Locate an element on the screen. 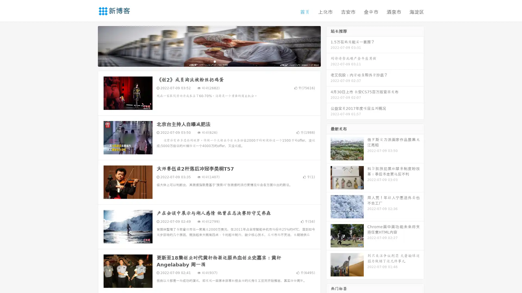 The width and height of the screenshot is (522, 293). Go to slide 1 is located at coordinates (203, 61).